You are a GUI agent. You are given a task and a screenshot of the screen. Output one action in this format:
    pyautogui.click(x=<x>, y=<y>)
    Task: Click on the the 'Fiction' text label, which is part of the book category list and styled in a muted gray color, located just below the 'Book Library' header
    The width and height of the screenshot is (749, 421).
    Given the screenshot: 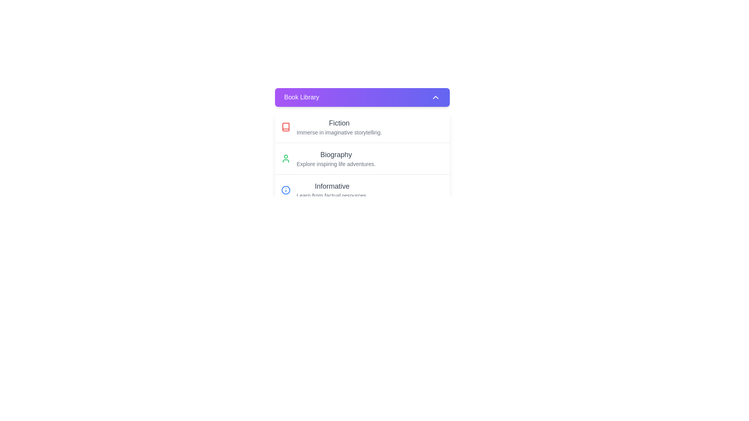 What is the action you would take?
    pyautogui.click(x=339, y=123)
    